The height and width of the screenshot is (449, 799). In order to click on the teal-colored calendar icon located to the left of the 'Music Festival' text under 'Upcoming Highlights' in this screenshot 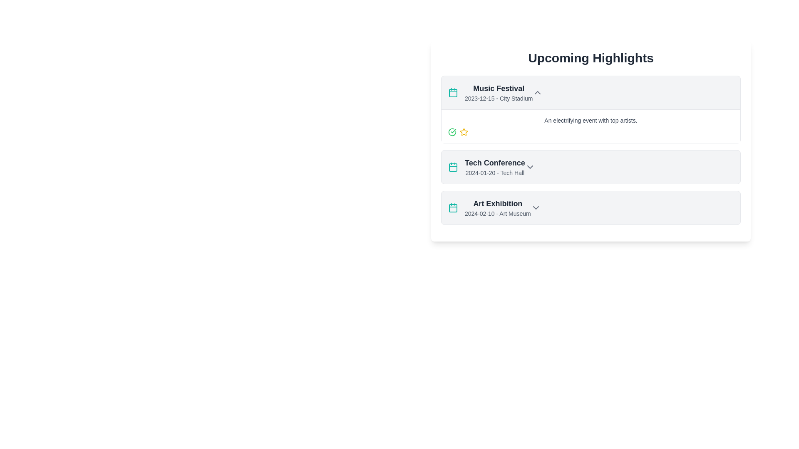, I will do `click(453, 93)`.